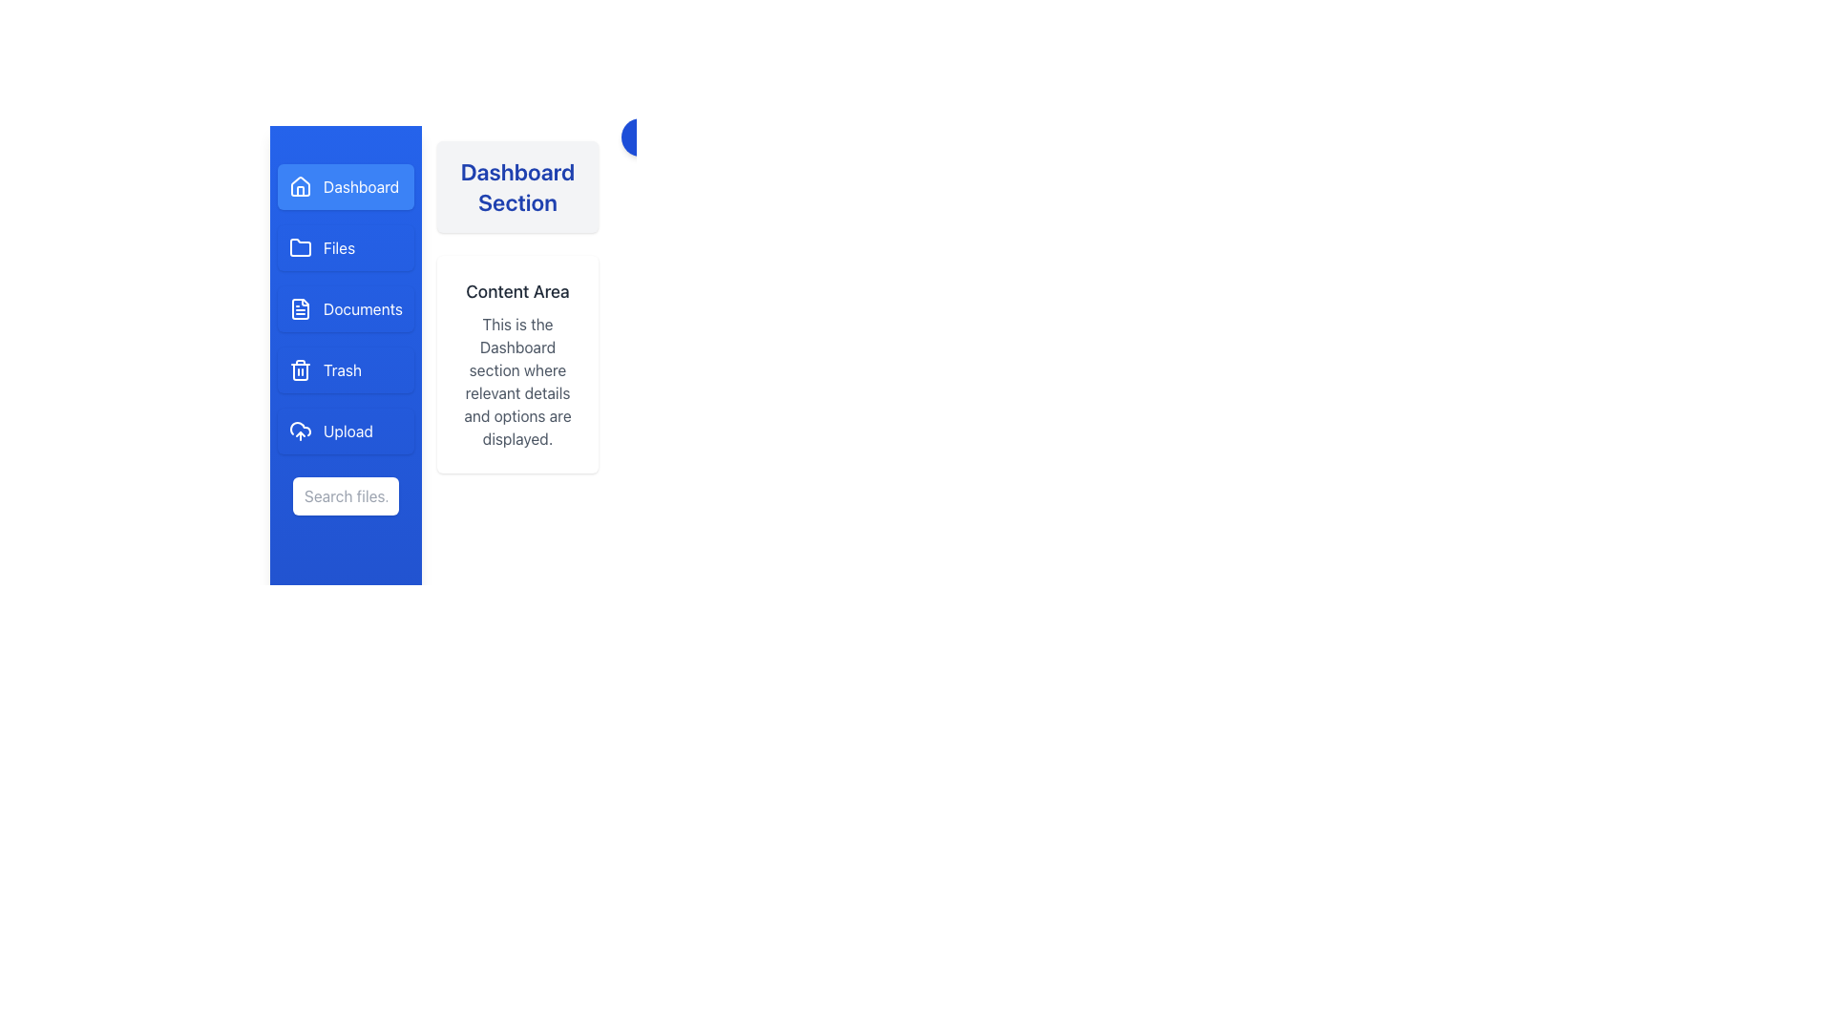 This screenshot has height=1031, width=1833. I want to click on the Header text element that serves as a title for the section, located in the upper section of a card with a light gray background, so click(517, 187).